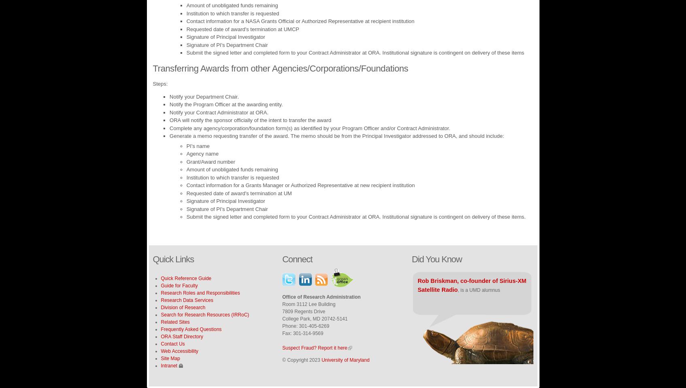  Describe the element at coordinates (170, 112) in the screenshot. I see `'Notify your Contract Administrator at ORA.'` at that location.